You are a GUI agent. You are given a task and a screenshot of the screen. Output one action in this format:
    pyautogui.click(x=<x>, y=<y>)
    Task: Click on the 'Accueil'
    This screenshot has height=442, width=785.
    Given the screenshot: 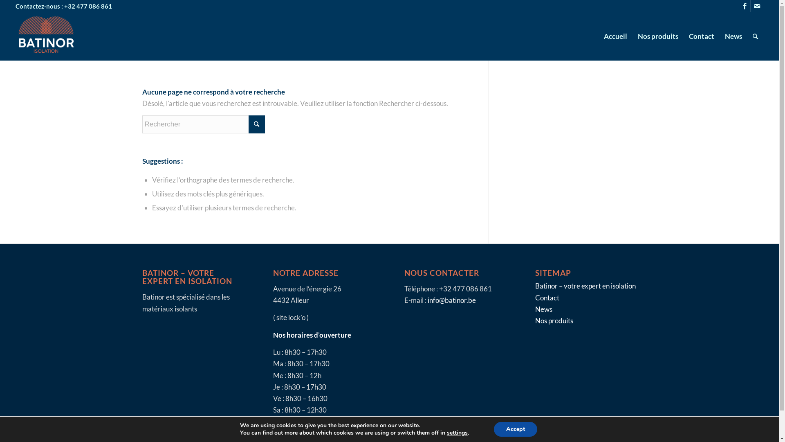 What is the action you would take?
    pyautogui.click(x=615, y=36)
    